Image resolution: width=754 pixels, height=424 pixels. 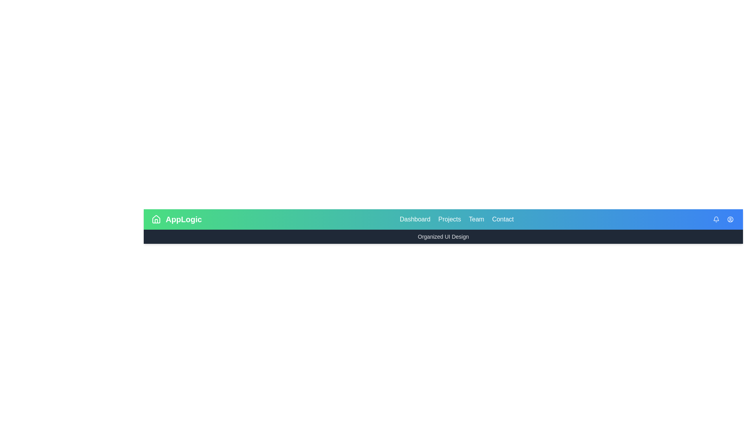 I want to click on the interactive element Bell Icon to observe the visual response, so click(x=716, y=219).